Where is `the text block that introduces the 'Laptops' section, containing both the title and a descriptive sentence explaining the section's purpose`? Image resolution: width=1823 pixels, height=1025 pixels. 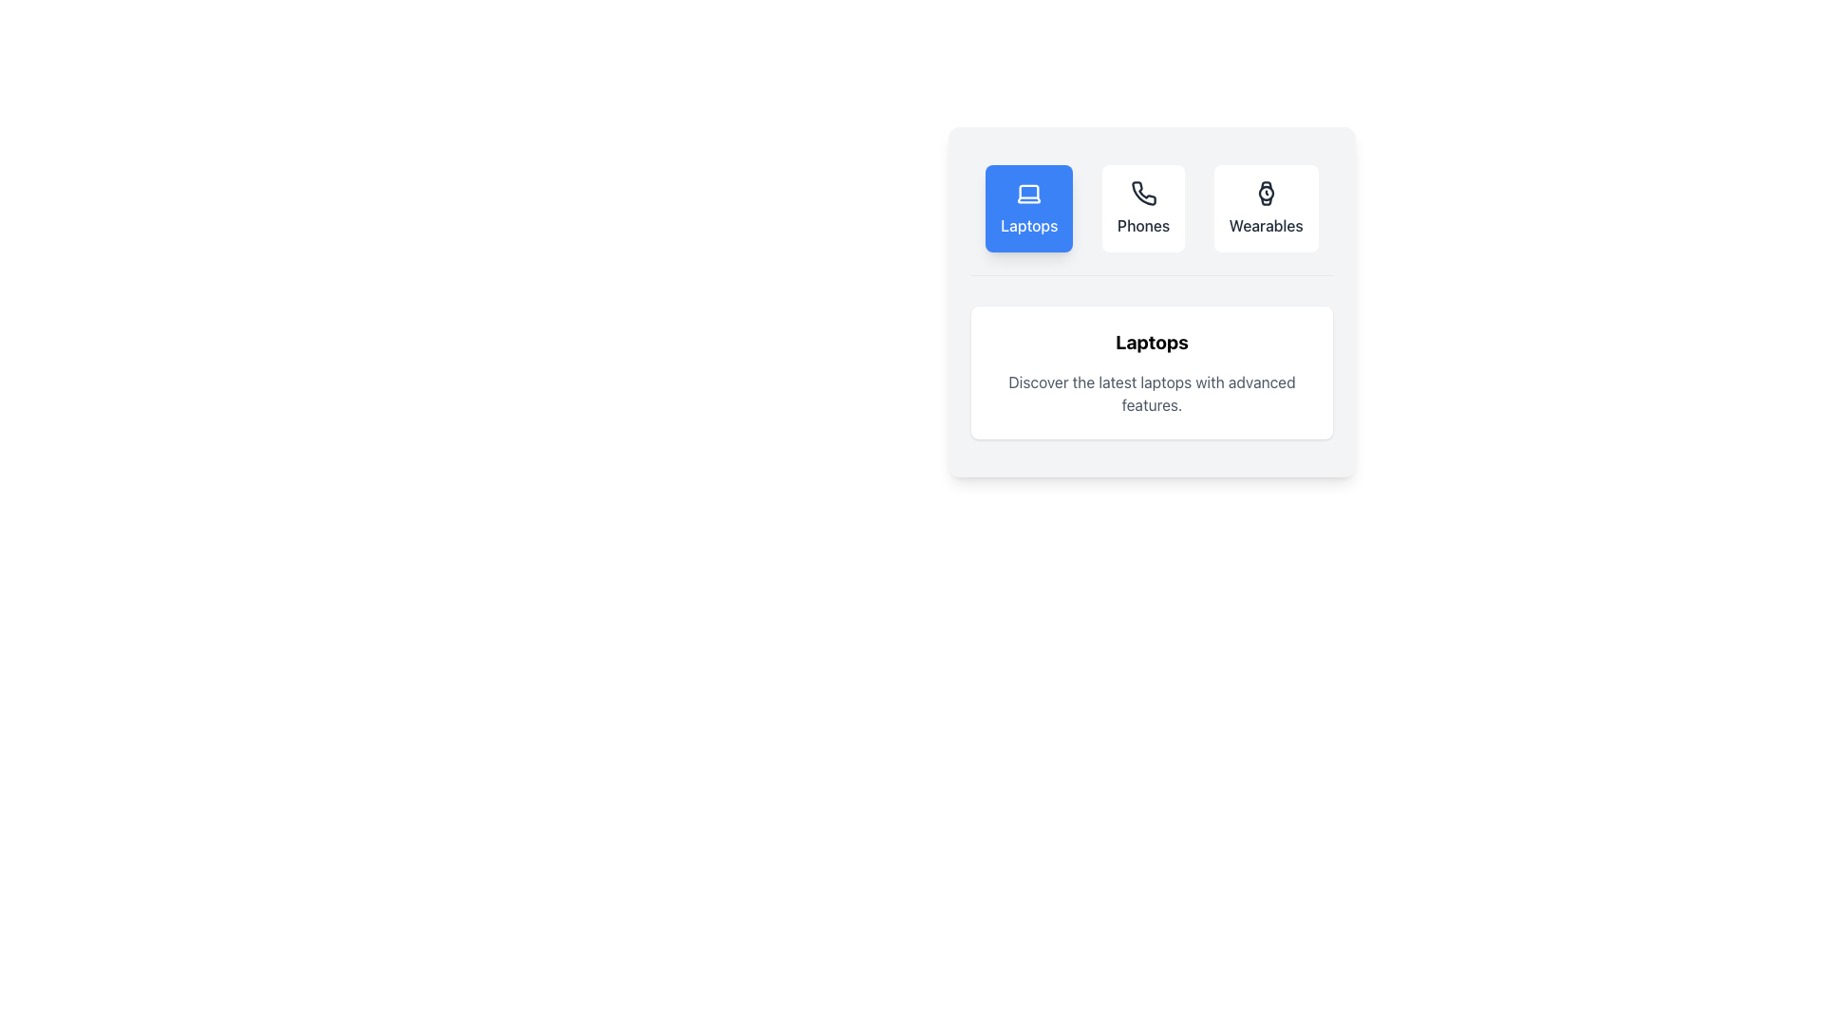
the text block that introduces the 'Laptops' section, containing both the title and a descriptive sentence explaining the section's purpose is located at coordinates (1151, 373).